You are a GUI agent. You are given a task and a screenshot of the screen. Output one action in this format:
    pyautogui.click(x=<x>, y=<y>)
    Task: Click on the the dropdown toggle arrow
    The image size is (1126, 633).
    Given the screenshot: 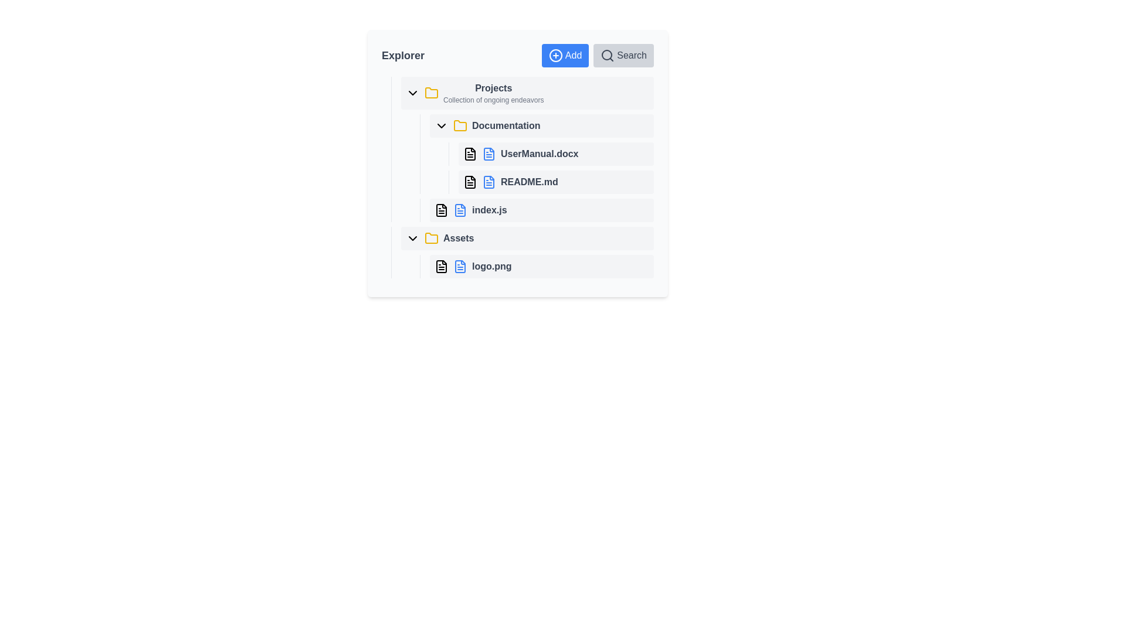 What is the action you would take?
    pyautogui.click(x=441, y=126)
    